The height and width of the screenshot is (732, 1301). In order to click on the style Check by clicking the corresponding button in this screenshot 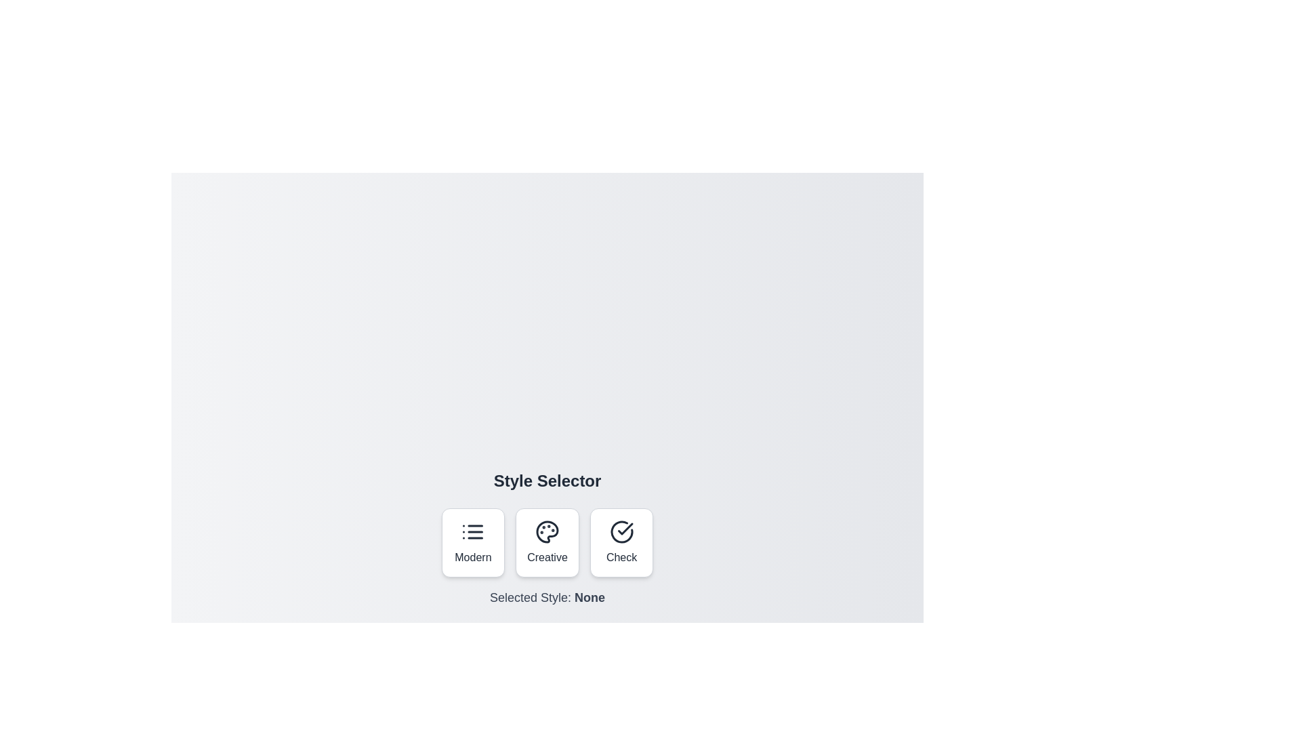, I will do `click(621, 542)`.